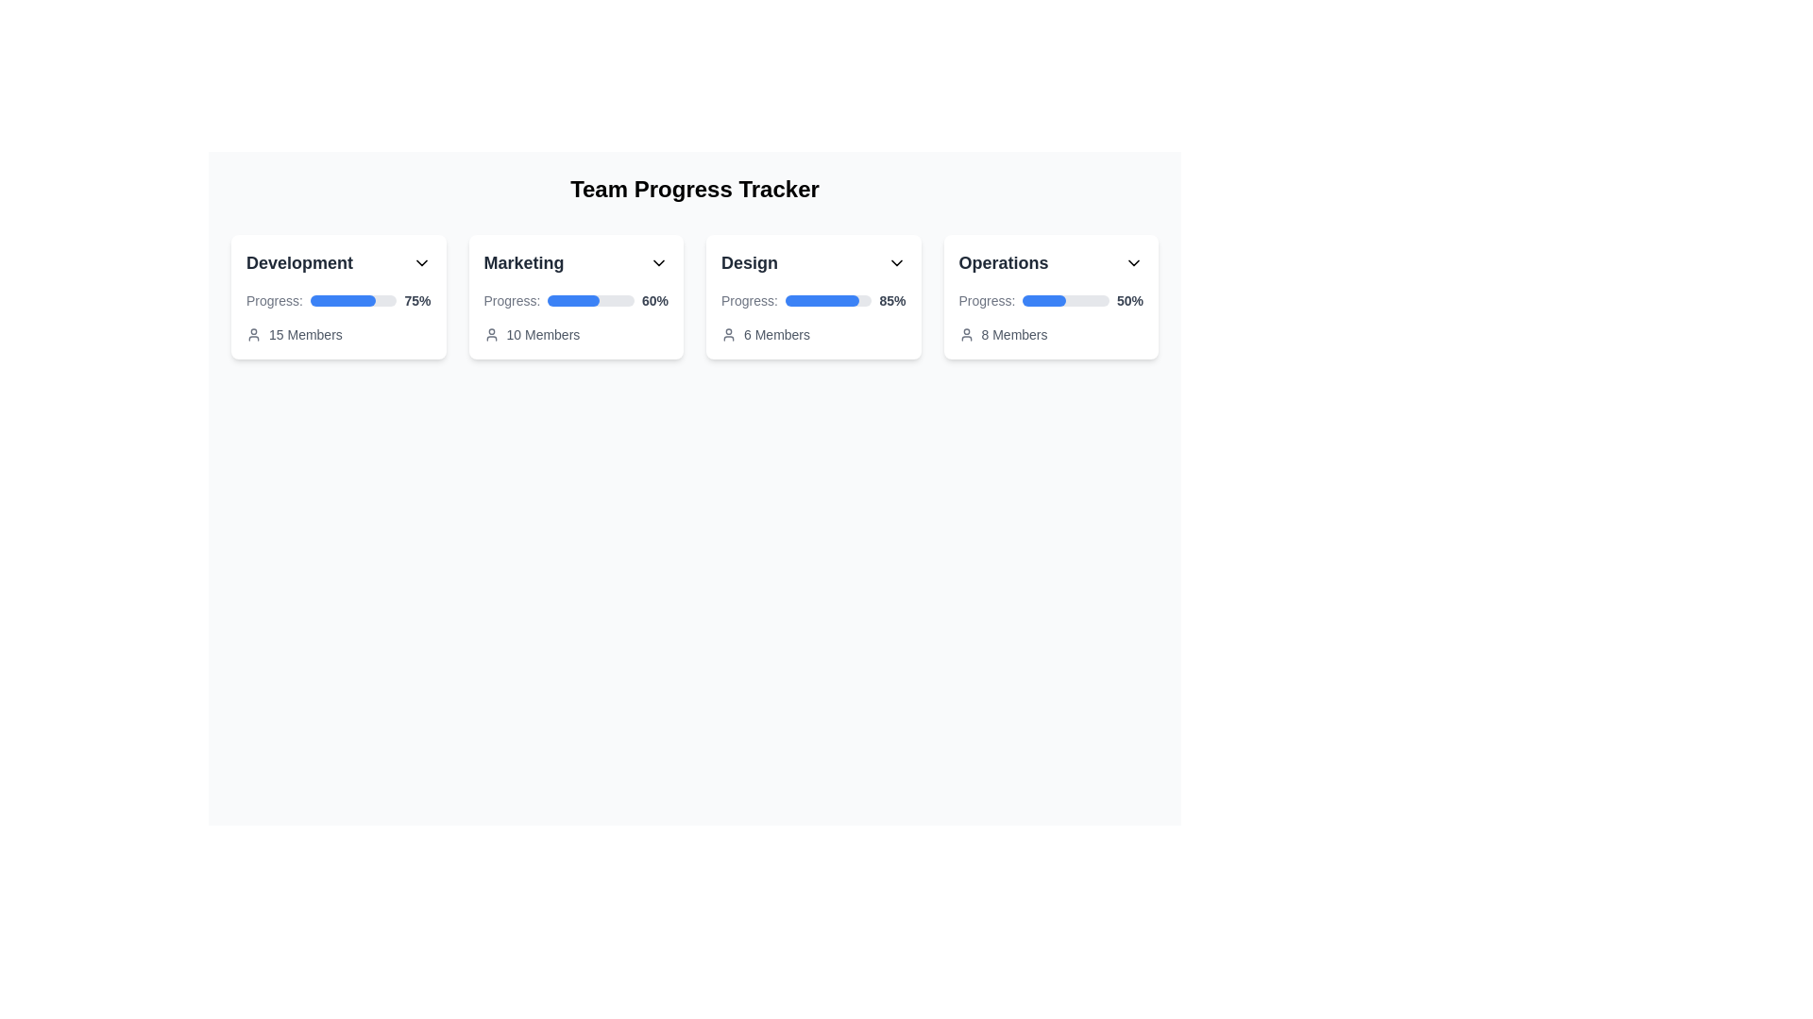 This screenshot has width=1813, height=1019. Describe the element at coordinates (338, 333) in the screenshot. I see `the text label with the accompanying icon that displays the number of members associated with the 'Development' section in the 'Team Progress Tracker' interface` at that location.